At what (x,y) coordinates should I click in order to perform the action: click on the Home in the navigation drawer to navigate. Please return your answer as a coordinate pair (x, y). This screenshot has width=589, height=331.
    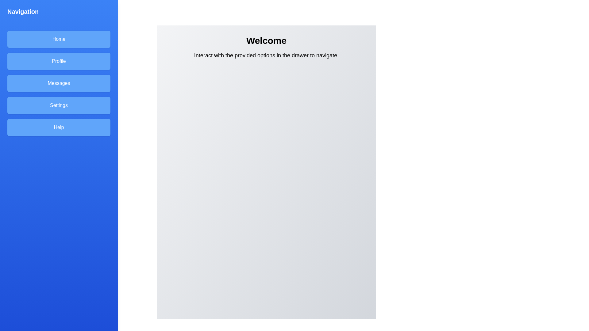
    Looking at the image, I should click on (59, 39).